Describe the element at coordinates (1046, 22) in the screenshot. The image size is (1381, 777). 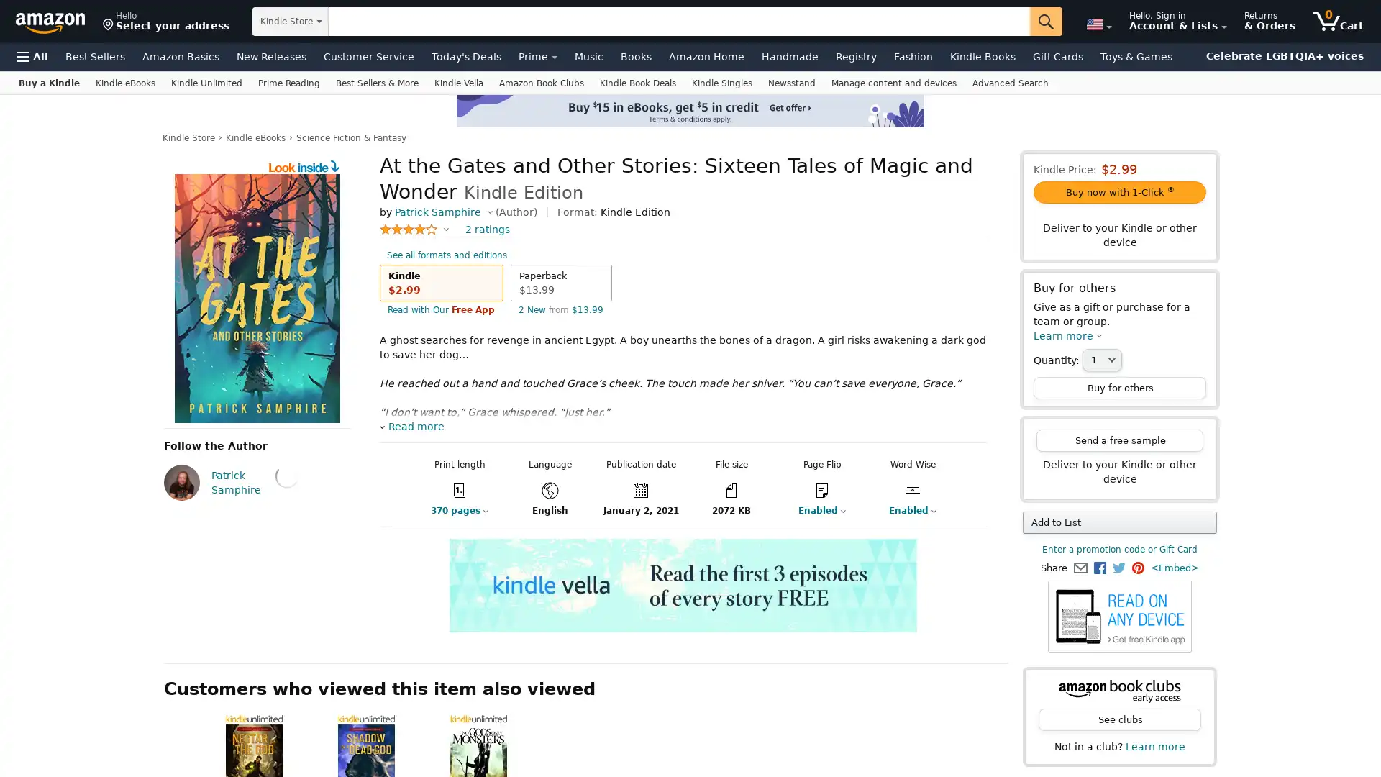
I see `Go` at that location.